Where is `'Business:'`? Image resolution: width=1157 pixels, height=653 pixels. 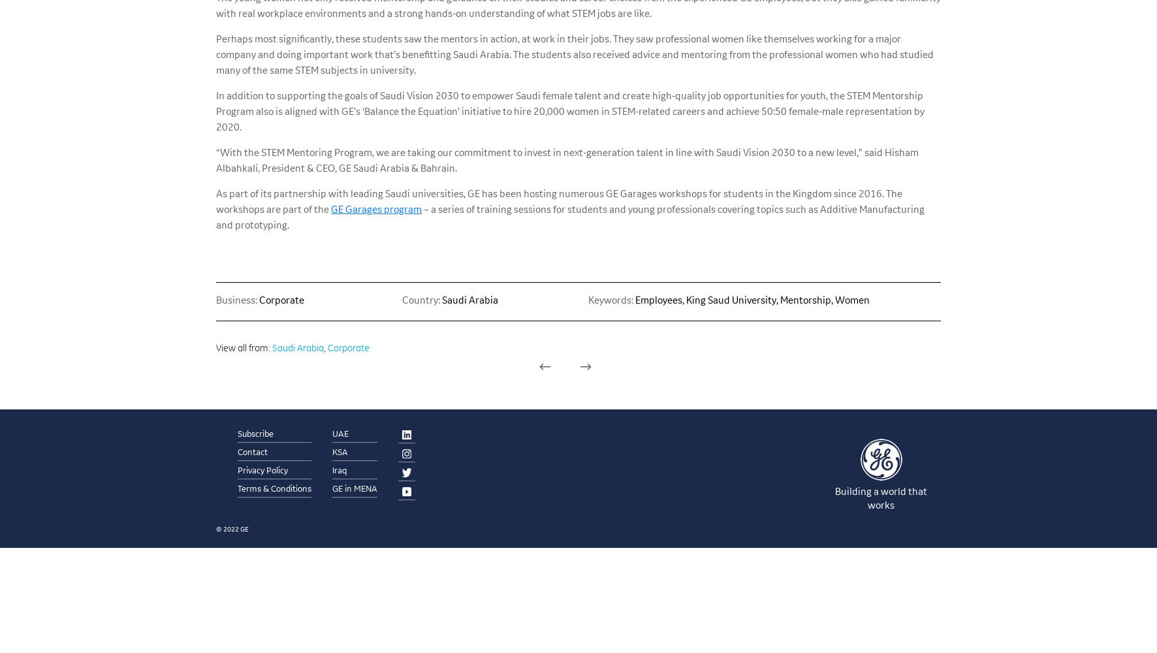
'Business:' is located at coordinates (215, 298).